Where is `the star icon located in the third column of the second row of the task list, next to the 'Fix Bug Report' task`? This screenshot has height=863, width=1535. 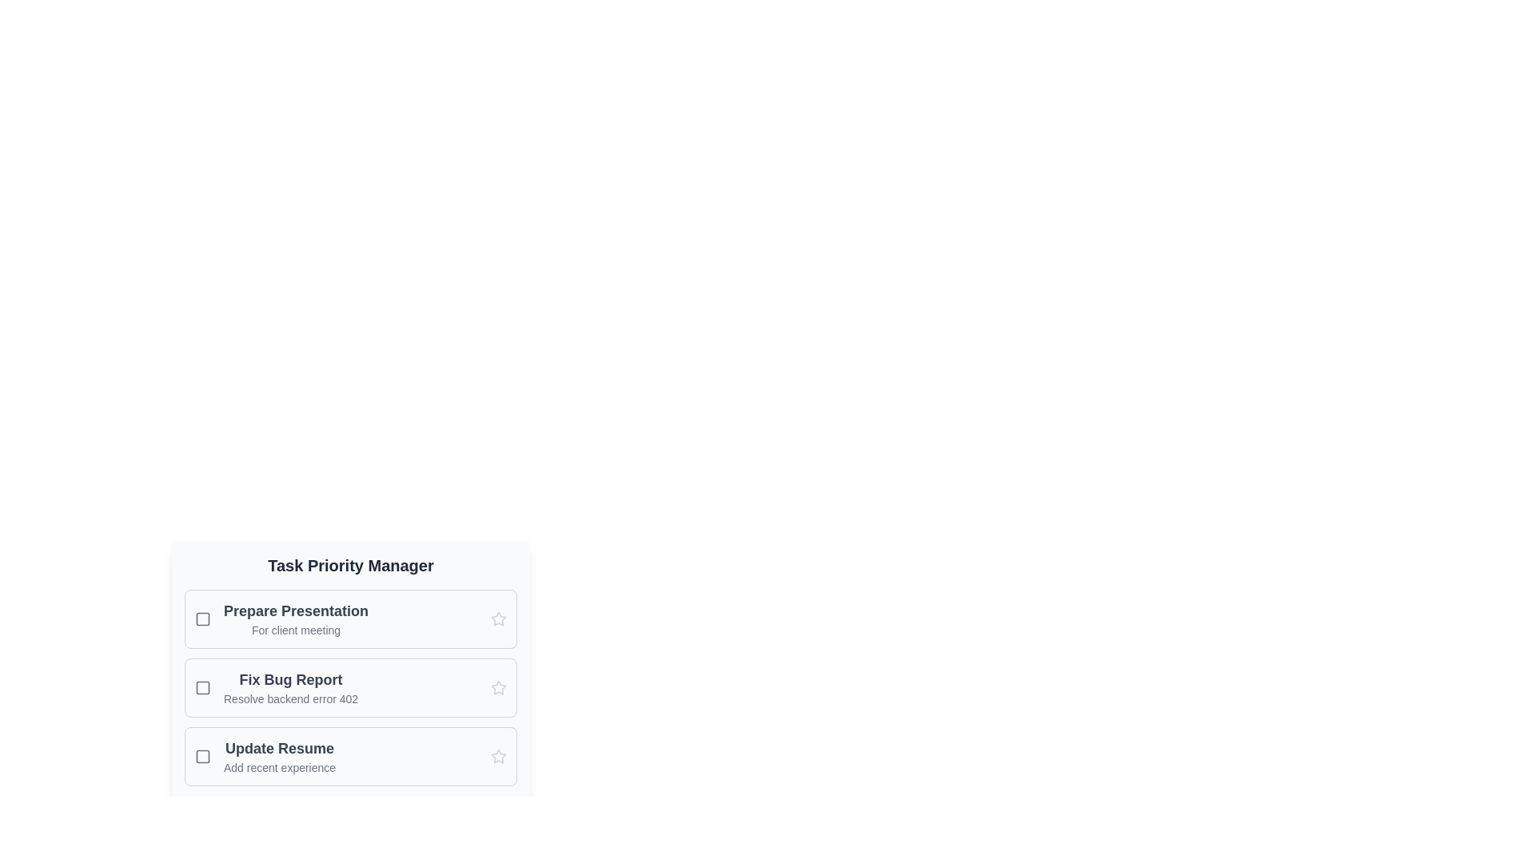
the star icon located in the third column of the second row of the task list, next to the 'Fix Bug Report' task is located at coordinates (498, 686).